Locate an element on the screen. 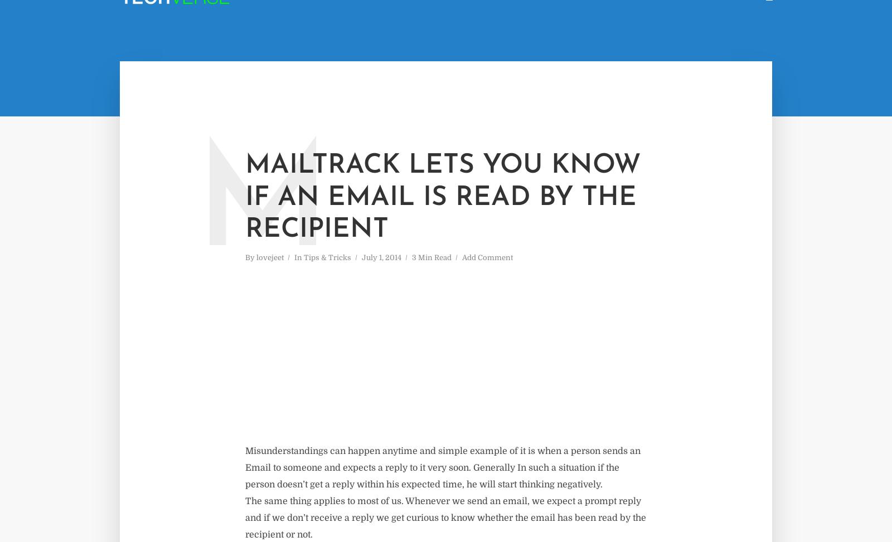 The width and height of the screenshot is (892, 542). 'Page' is located at coordinates (616, 31).